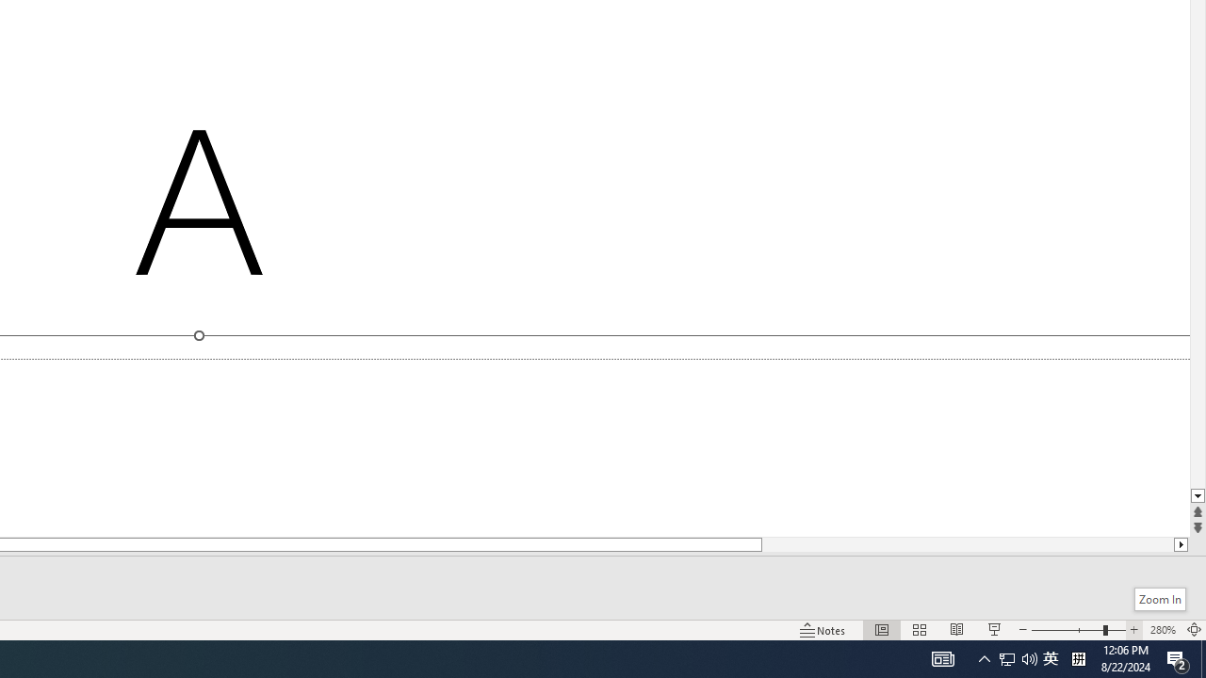 The image size is (1206, 678). Describe the element at coordinates (1162, 630) in the screenshot. I see `'Zoom 280%'` at that location.